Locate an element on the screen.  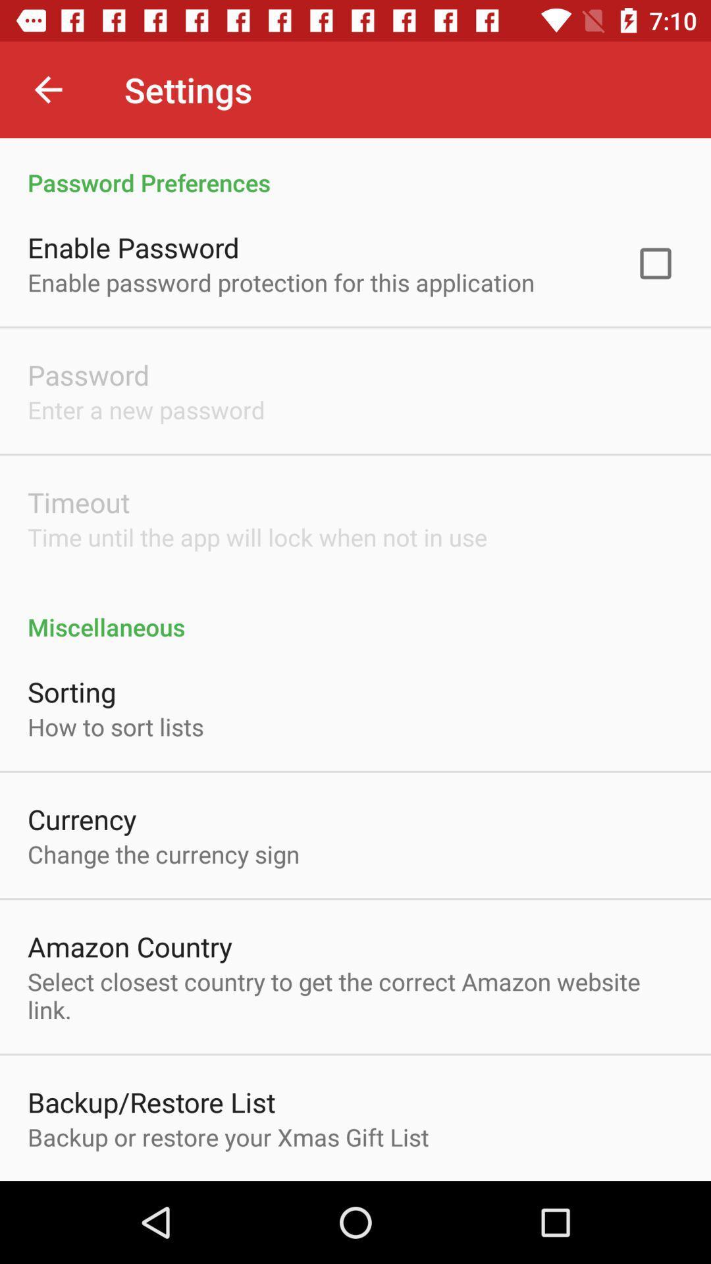
time until the icon is located at coordinates (257, 537).